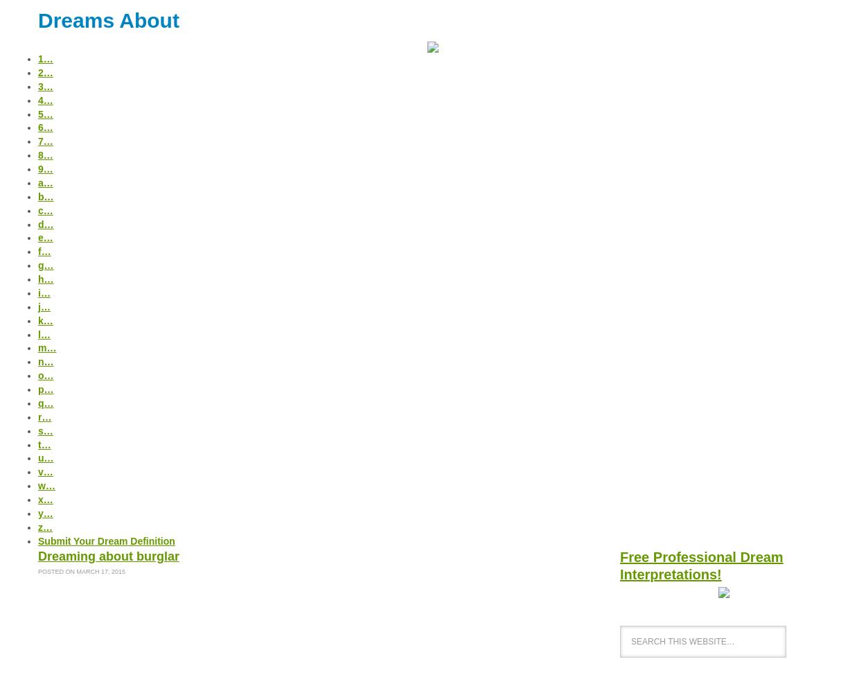  I want to click on 'c…', so click(44, 210).